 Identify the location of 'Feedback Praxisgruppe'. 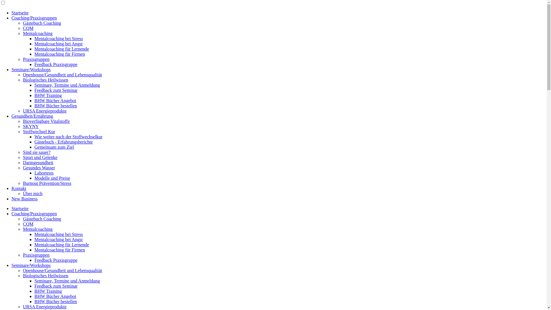
(34, 64).